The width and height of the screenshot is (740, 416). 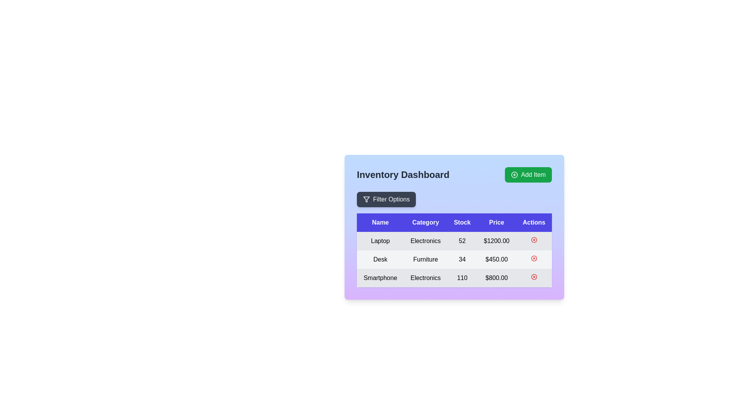 What do you see at coordinates (533, 260) in the screenshot?
I see `the red circular icon with a bug symbol in the 'Actions' column of the 'Desk' row` at bounding box center [533, 260].